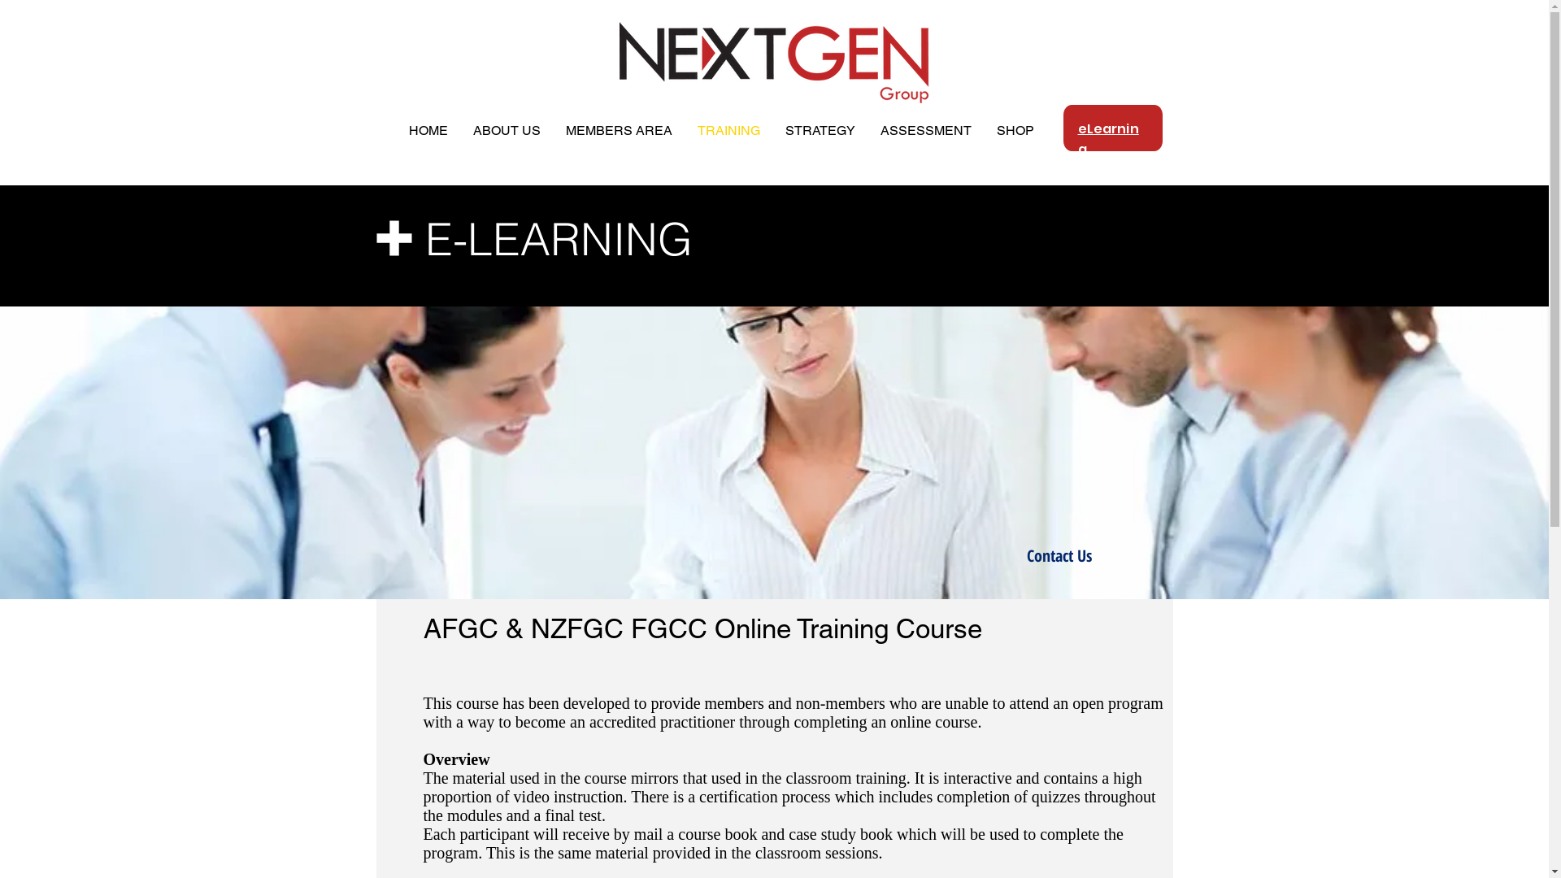 The width and height of the screenshot is (1561, 878). I want to click on 'ASSESSMENT', so click(867, 130).